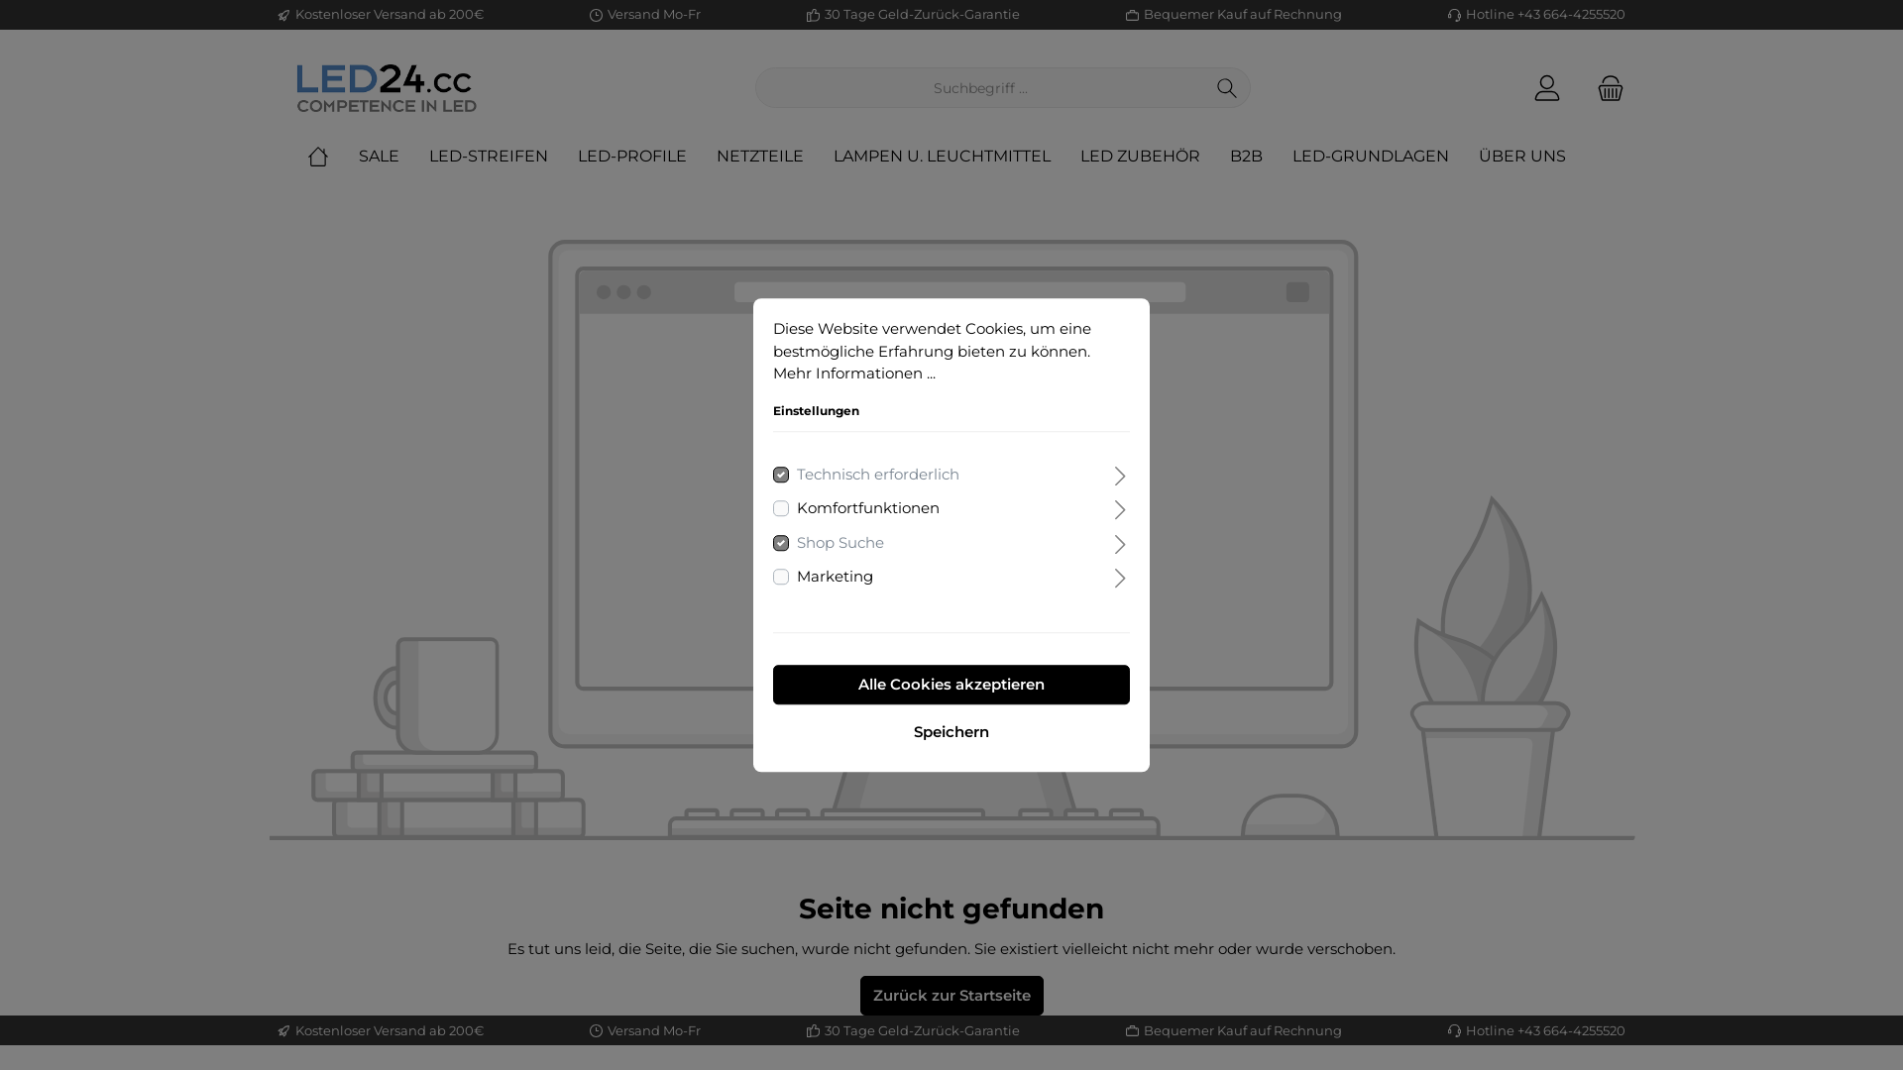  I want to click on 'Warenkorb', so click(1583, 86).